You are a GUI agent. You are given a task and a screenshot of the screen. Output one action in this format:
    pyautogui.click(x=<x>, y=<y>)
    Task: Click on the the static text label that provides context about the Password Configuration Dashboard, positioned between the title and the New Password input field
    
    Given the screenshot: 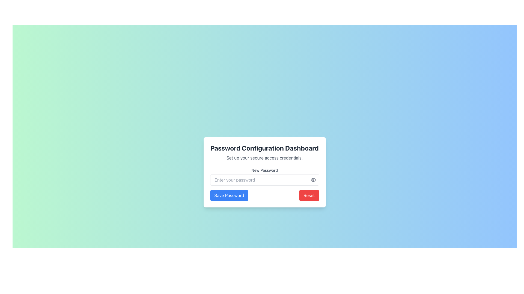 What is the action you would take?
    pyautogui.click(x=264, y=158)
    